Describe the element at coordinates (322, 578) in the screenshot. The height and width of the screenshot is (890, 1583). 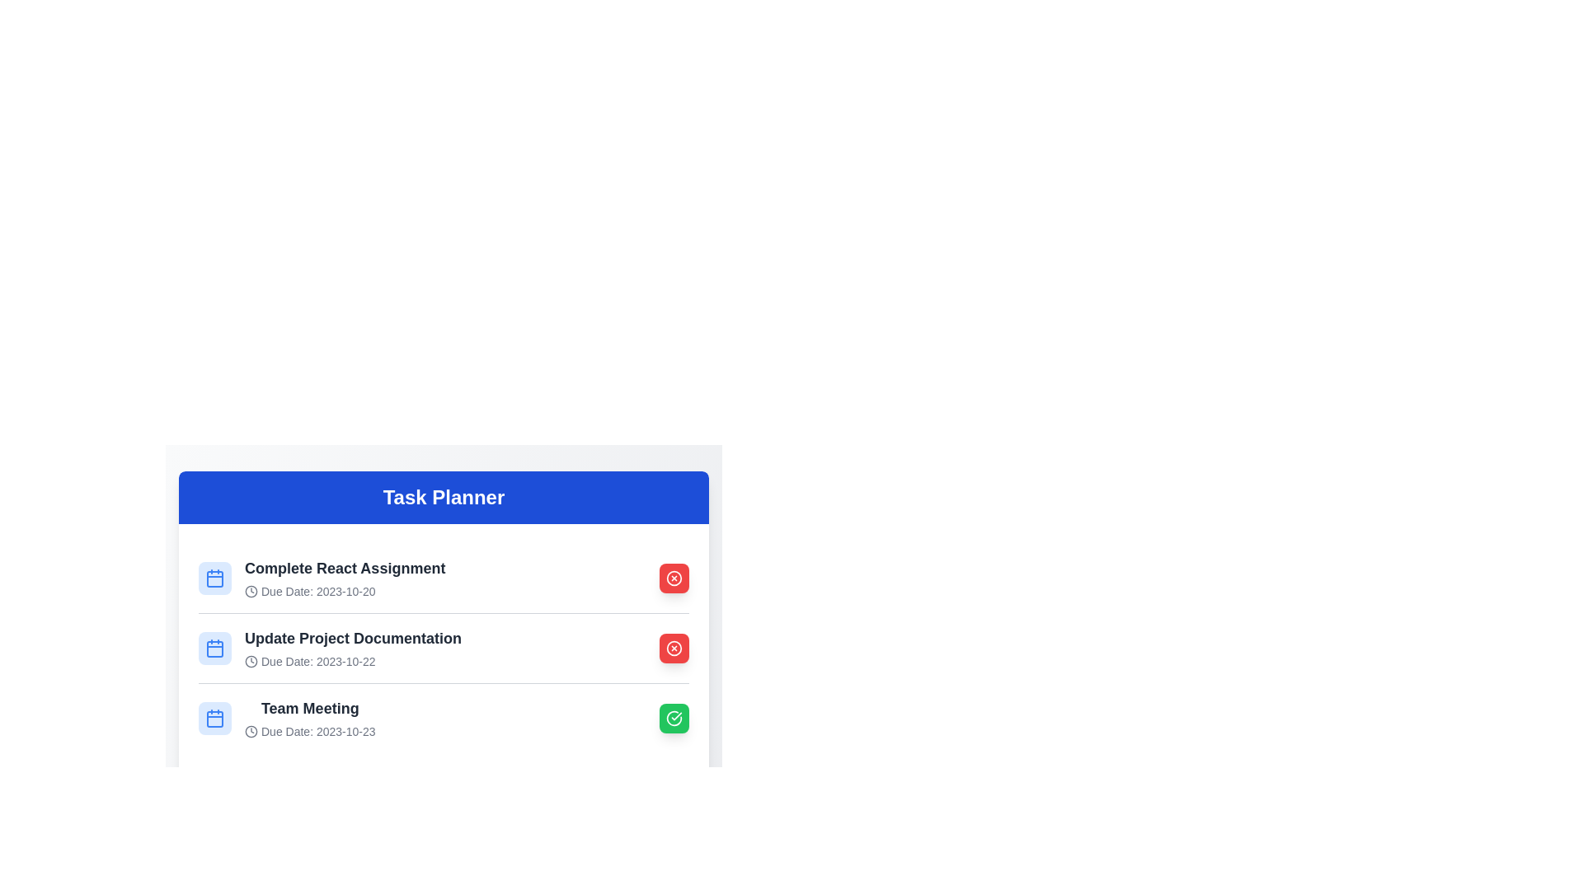
I see `the first task entry in the task planner interface, which features a blue calendar icon on the left and the title 'Complete React Assignment' in bold, along with the due date 'Due Date: 2023-10-20' below it` at that location.